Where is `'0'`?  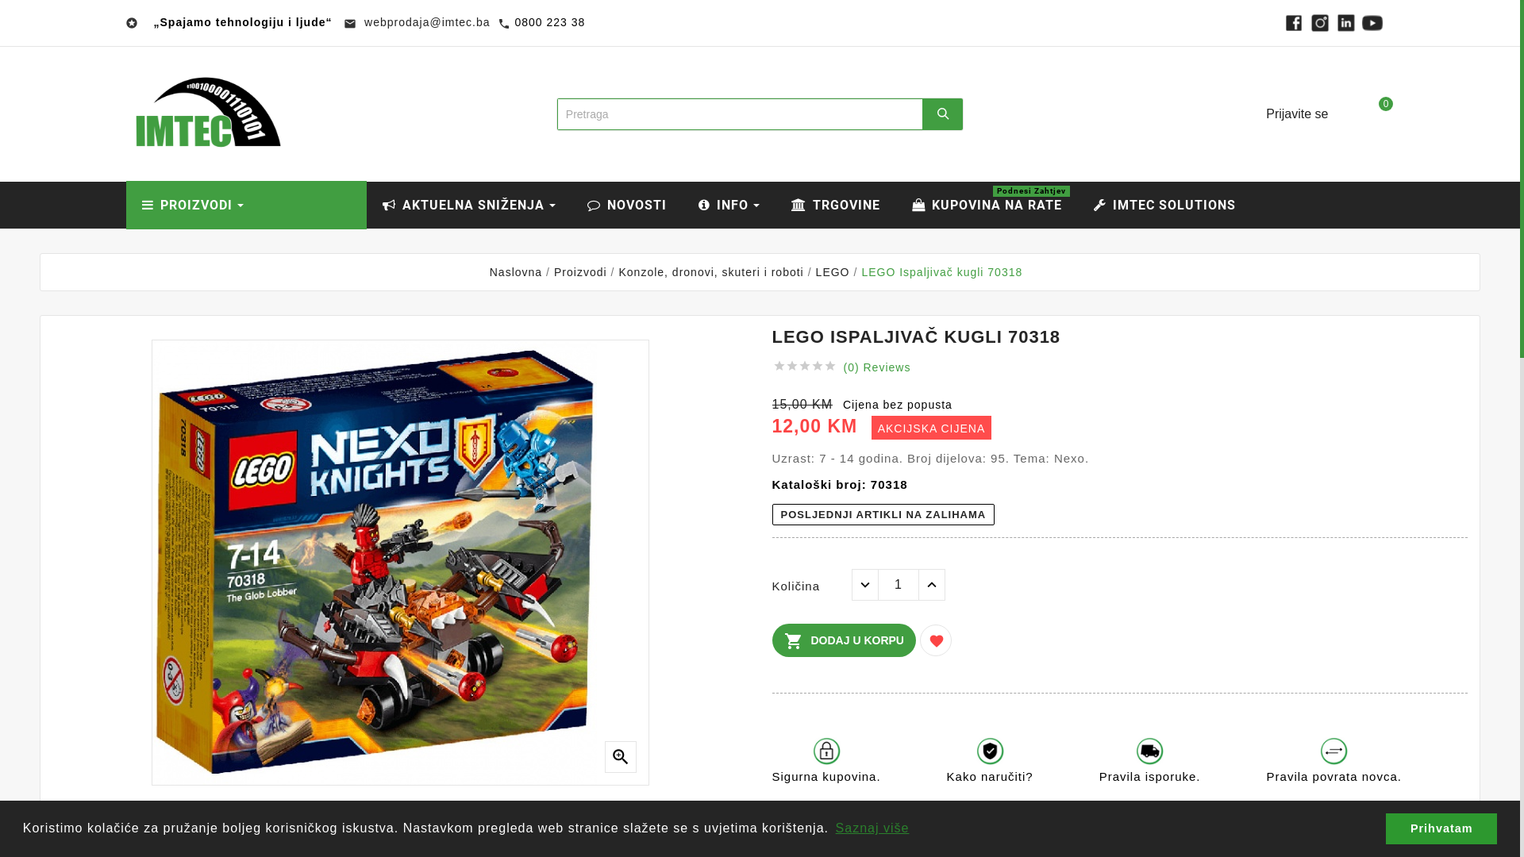 '0' is located at coordinates (1351, 113).